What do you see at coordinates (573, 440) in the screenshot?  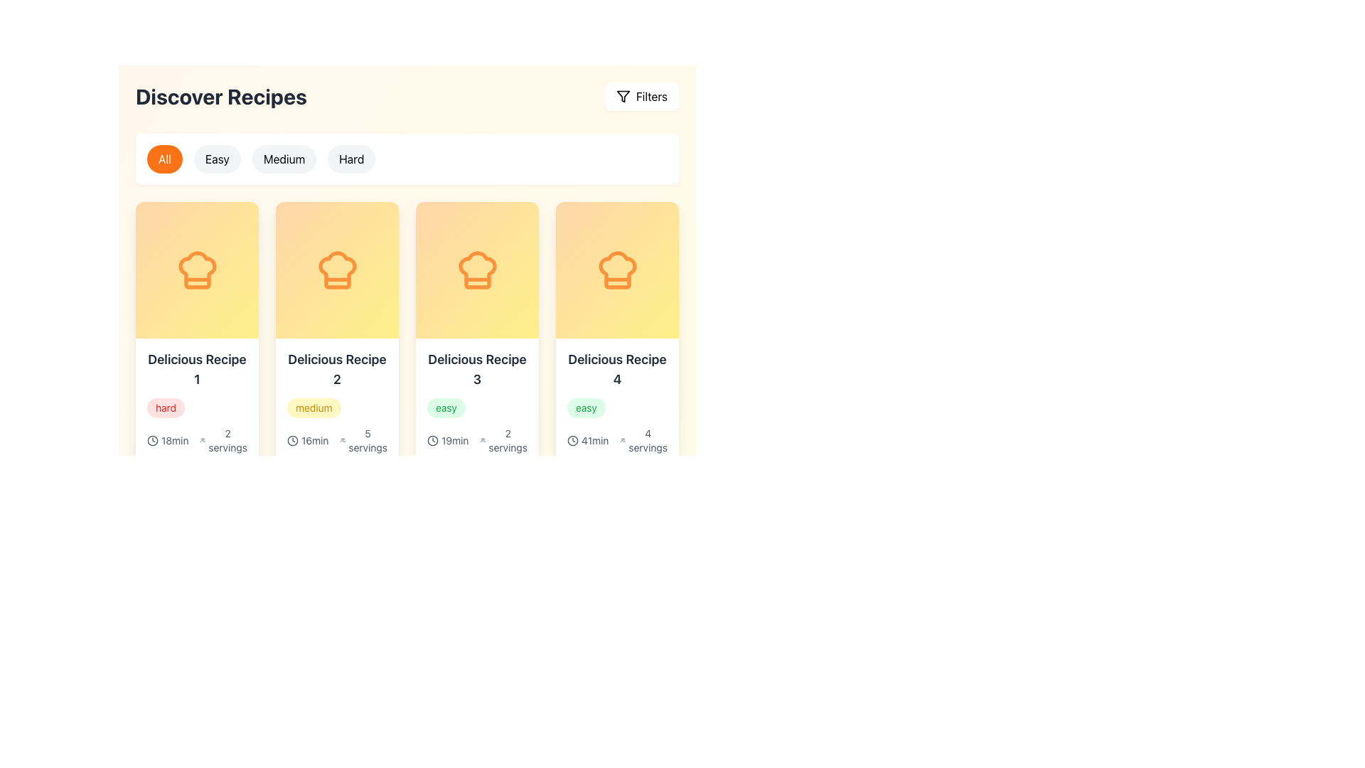 I see `the context of the SVG circle element that represents time in the clock icon for 'Delicious Recipe 4', located at the center-bottom of the card` at bounding box center [573, 440].